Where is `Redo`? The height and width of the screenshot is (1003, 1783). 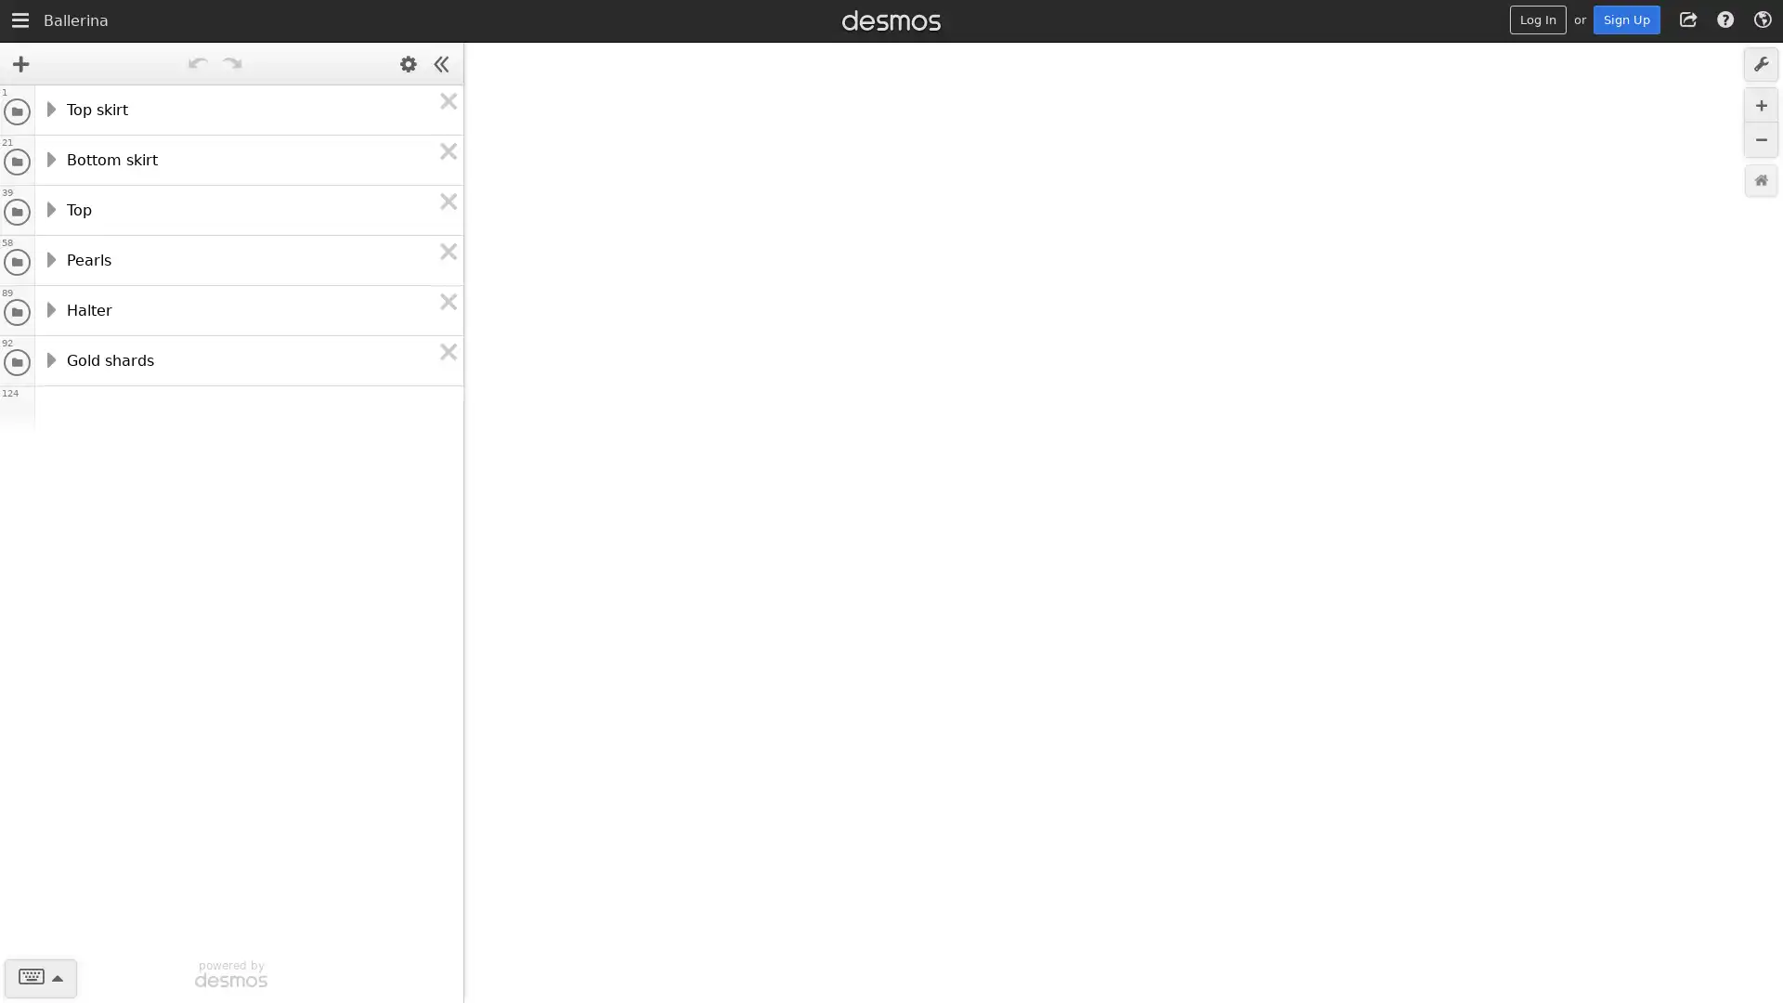 Redo is located at coordinates (230, 63).